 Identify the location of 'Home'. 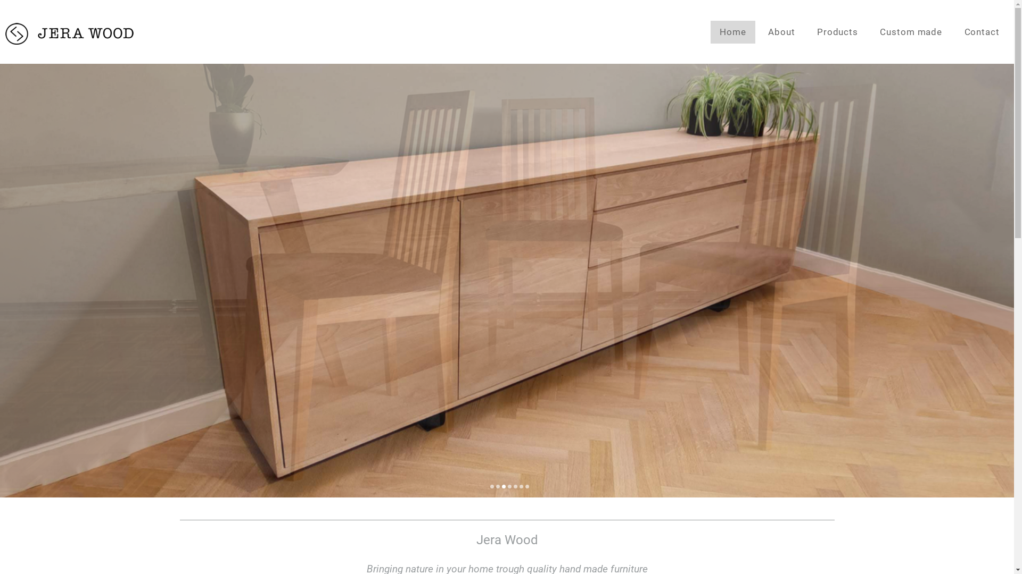
(710, 31).